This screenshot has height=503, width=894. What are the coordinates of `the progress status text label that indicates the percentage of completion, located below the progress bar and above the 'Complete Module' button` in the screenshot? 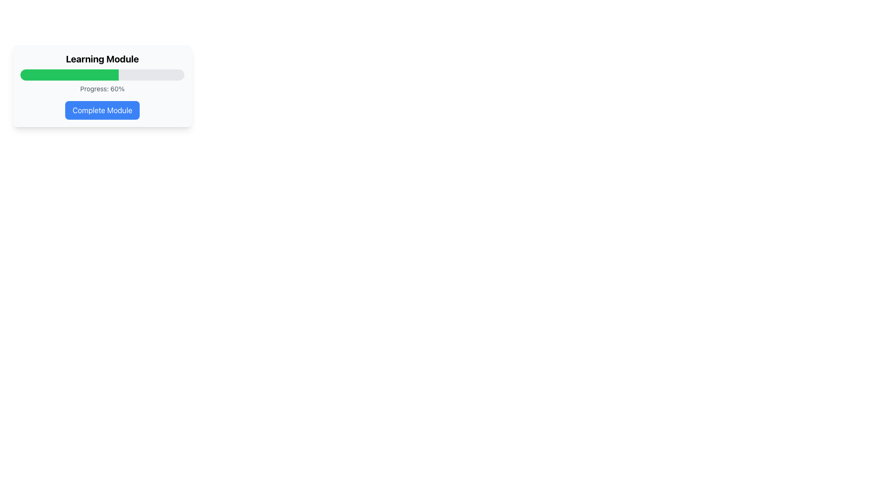 It's located at (102, 89).